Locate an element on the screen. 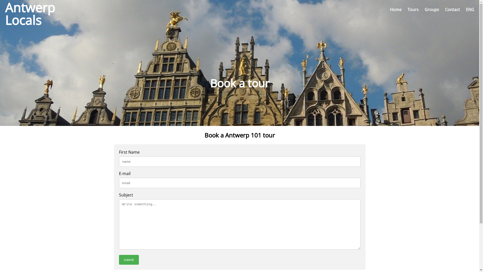  'Groups' is located at coordinates (431, 10).